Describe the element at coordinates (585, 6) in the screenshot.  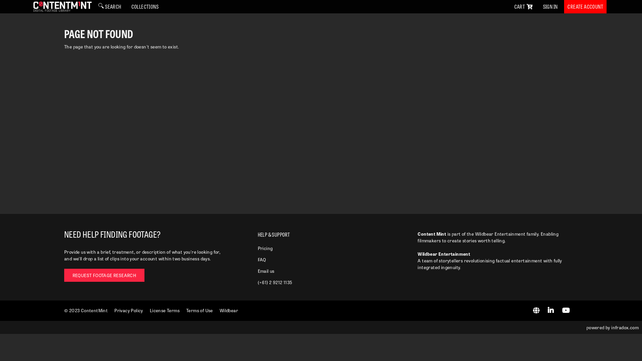
I see `'CREATE ACCOUNT'` at that location.